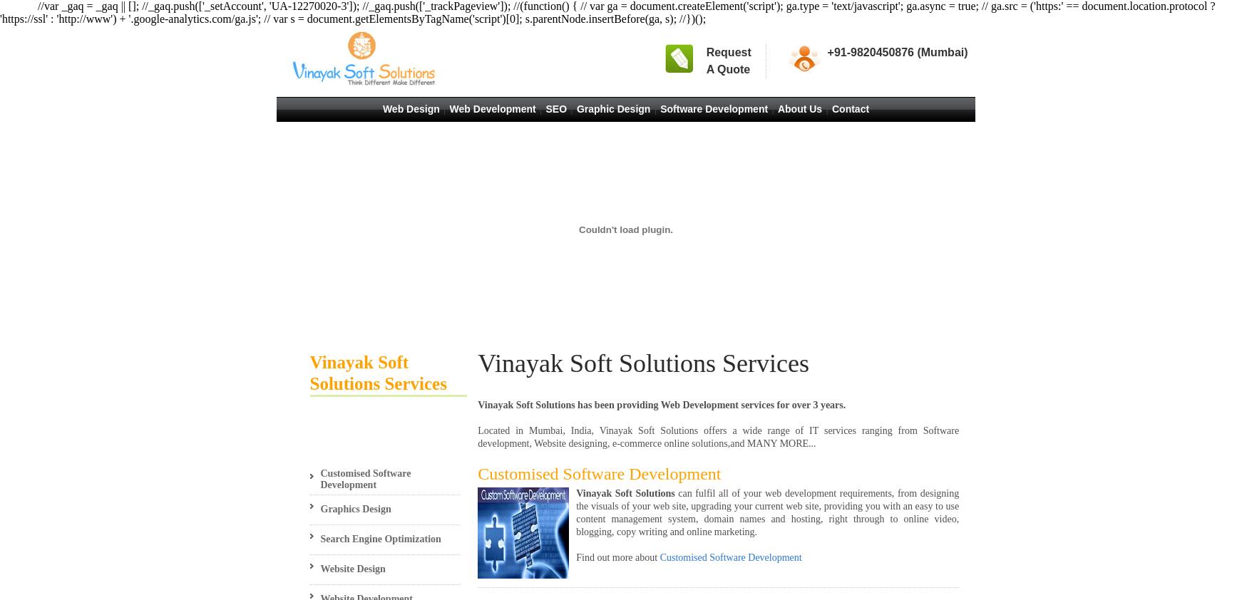  Describe the element at coordinates (355, 509) in the screenshot. I see `'Graphics Design'` at that location.